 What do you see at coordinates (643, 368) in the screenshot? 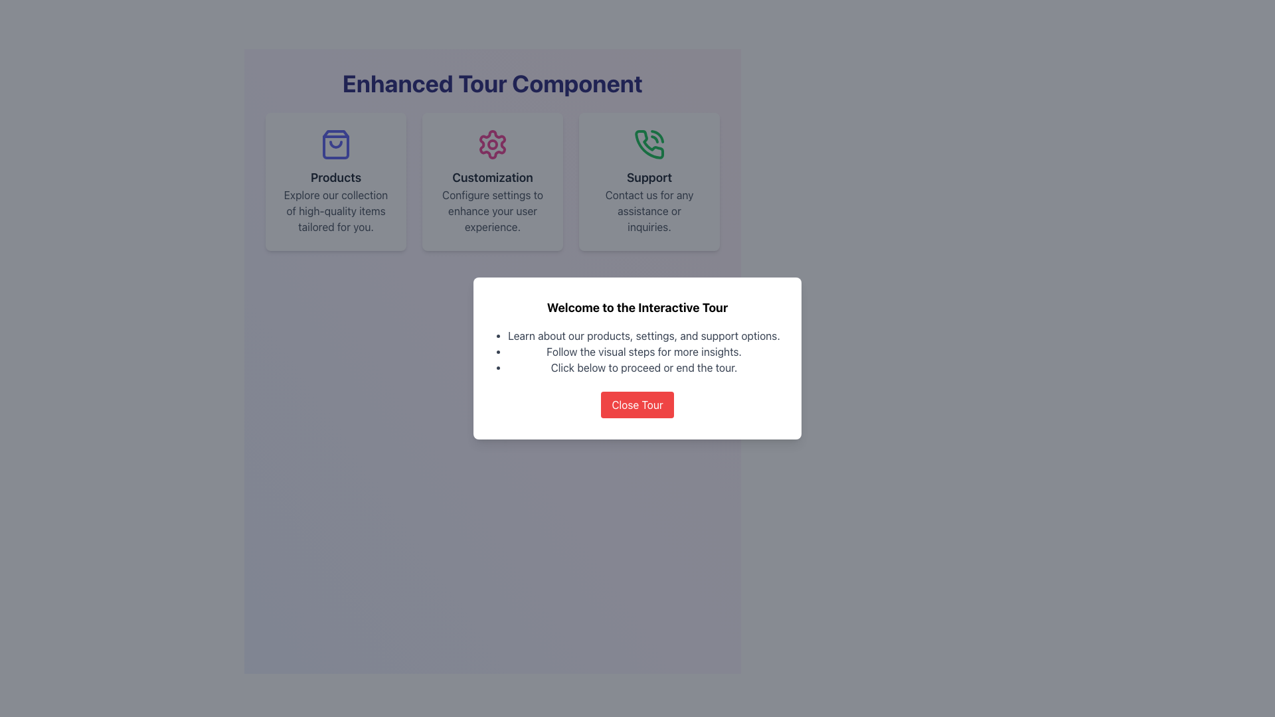
I see `static text displaying 'Click below to proceed or end the tour.' which is the third item in an unordered list within a modal box` at bounding box center [643, 368].